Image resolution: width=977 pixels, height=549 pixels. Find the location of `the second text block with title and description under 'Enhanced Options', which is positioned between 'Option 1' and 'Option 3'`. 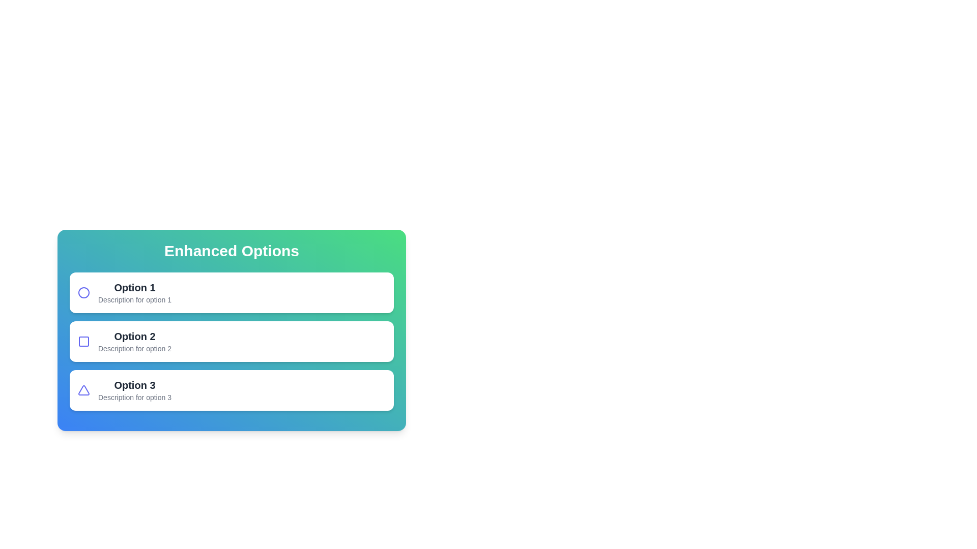

the second text block with title and description under 'Enhanced Options', which is positioned between 'Option 1' and 'Option 3' is located at coordinates (134, 341).